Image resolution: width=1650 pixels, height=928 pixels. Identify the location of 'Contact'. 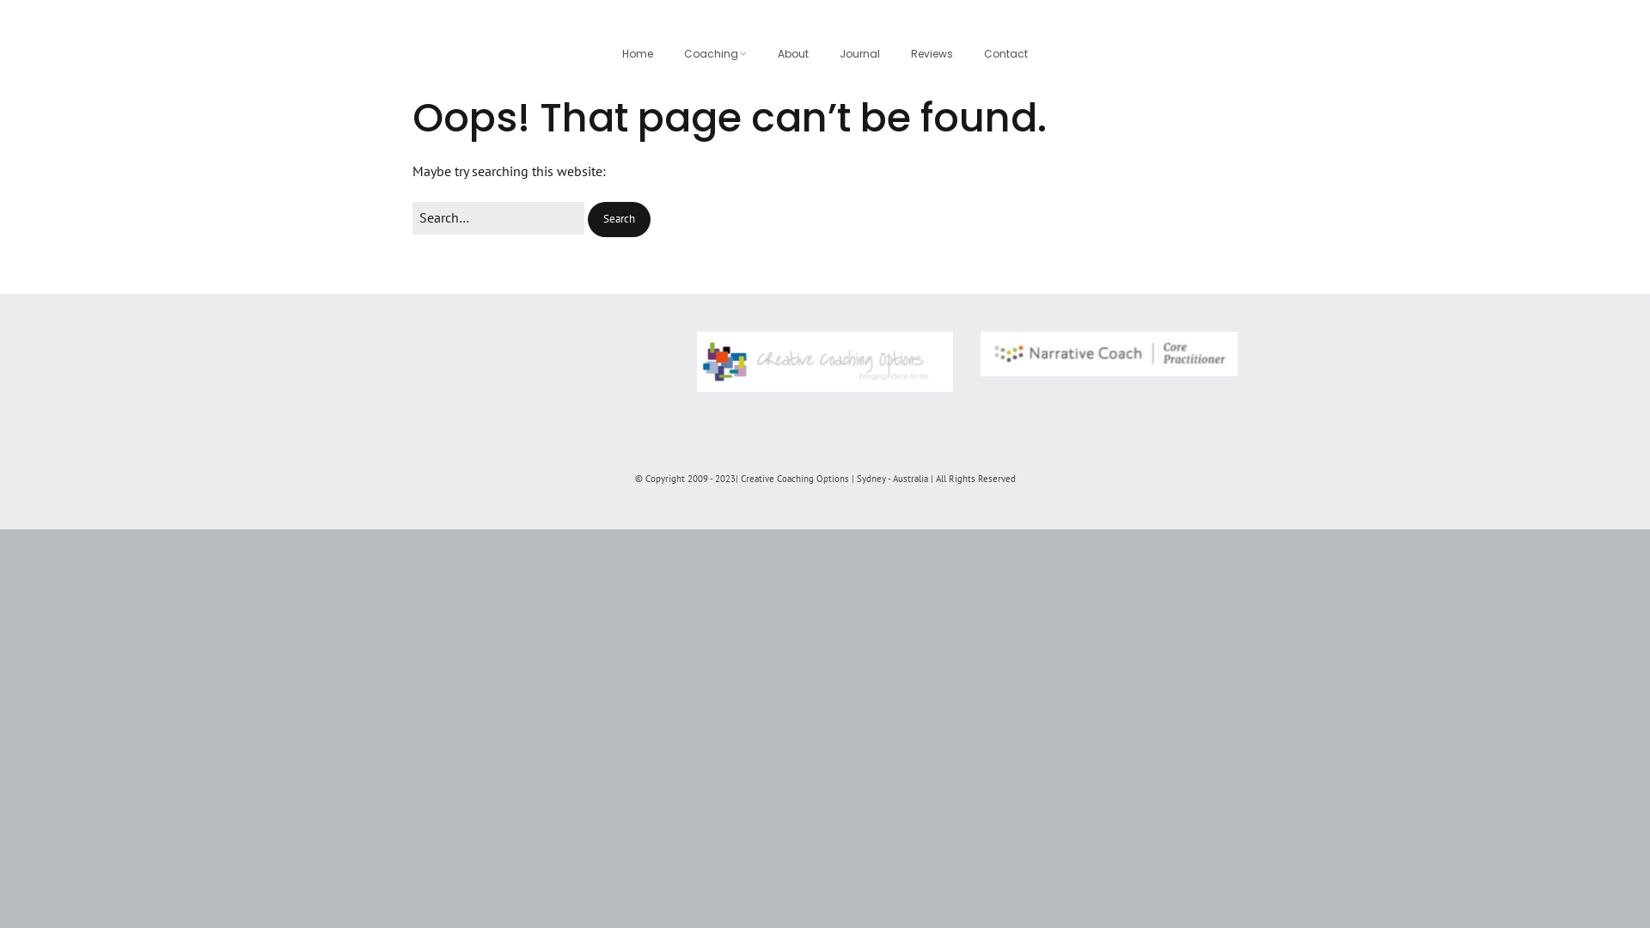
(1005, 53).